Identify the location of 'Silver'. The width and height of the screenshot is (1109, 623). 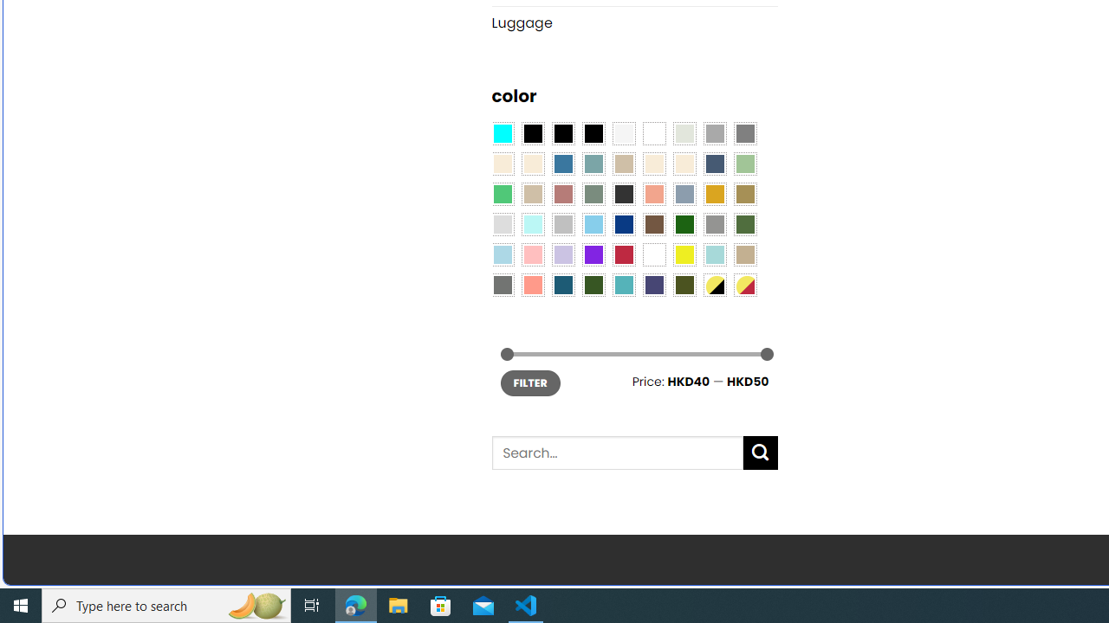
(563, 223).